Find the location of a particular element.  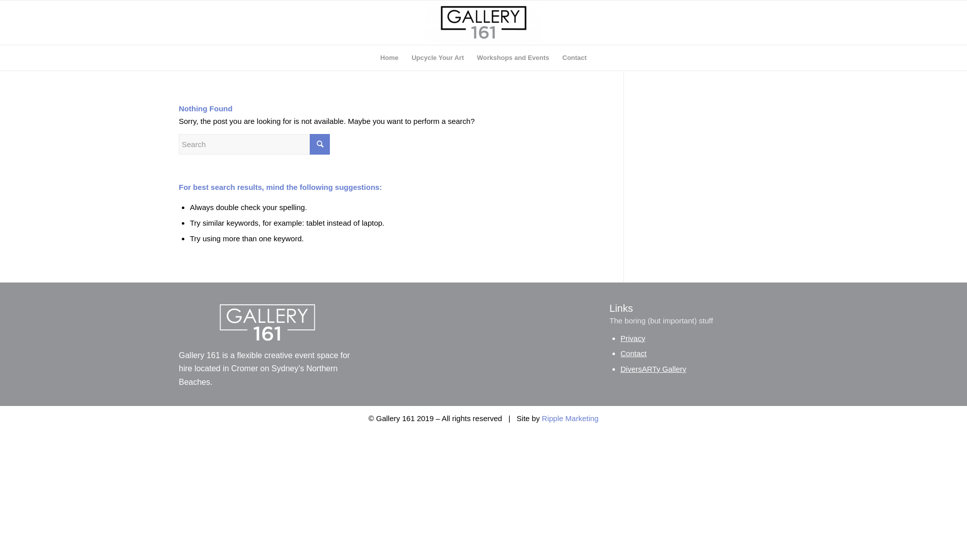

'Contact' is located at coordinates (575, 58).